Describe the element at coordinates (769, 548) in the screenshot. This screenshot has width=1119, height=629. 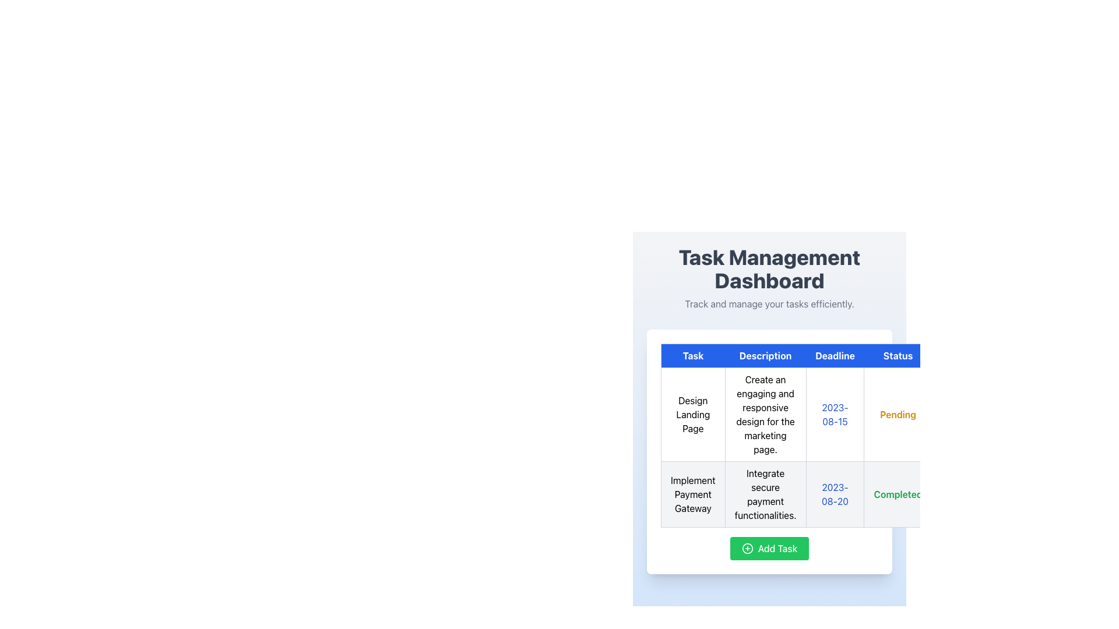
I see `the 'Add Task' button with a green background and white text` at that location.